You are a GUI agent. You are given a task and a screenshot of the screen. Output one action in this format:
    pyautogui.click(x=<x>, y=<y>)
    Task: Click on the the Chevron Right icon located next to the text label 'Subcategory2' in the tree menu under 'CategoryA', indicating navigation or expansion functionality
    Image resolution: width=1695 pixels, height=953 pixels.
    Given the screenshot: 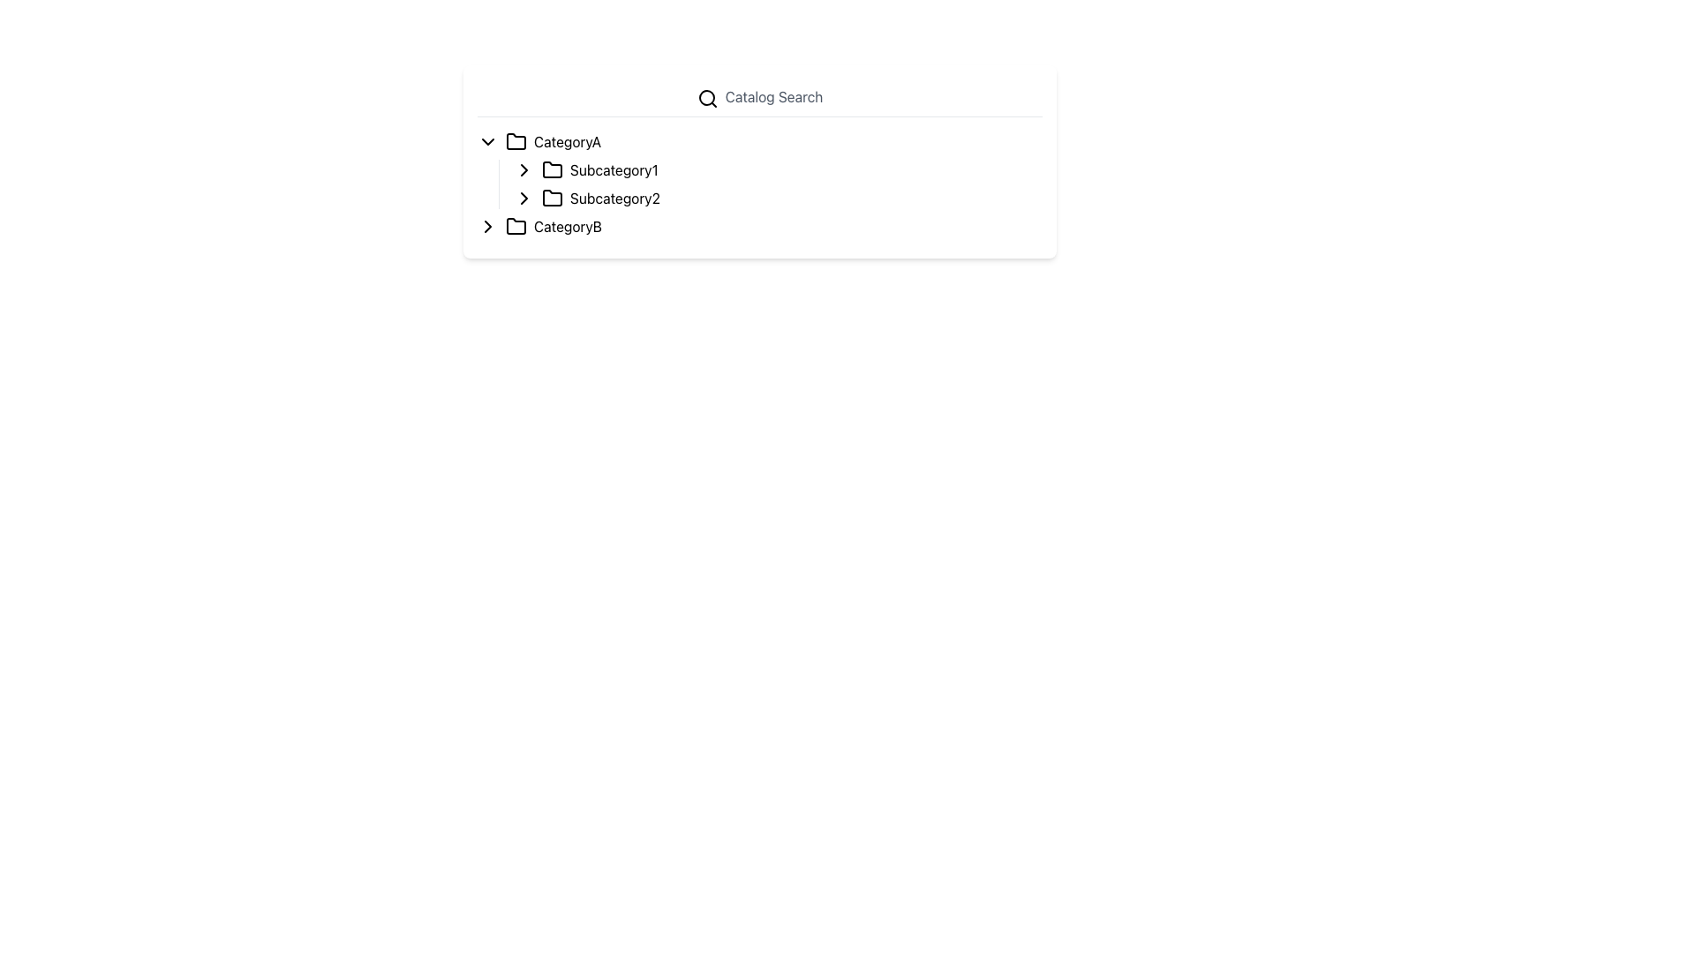 What is the action you would take?
    pyautogui.click(x=524, y=197)
    